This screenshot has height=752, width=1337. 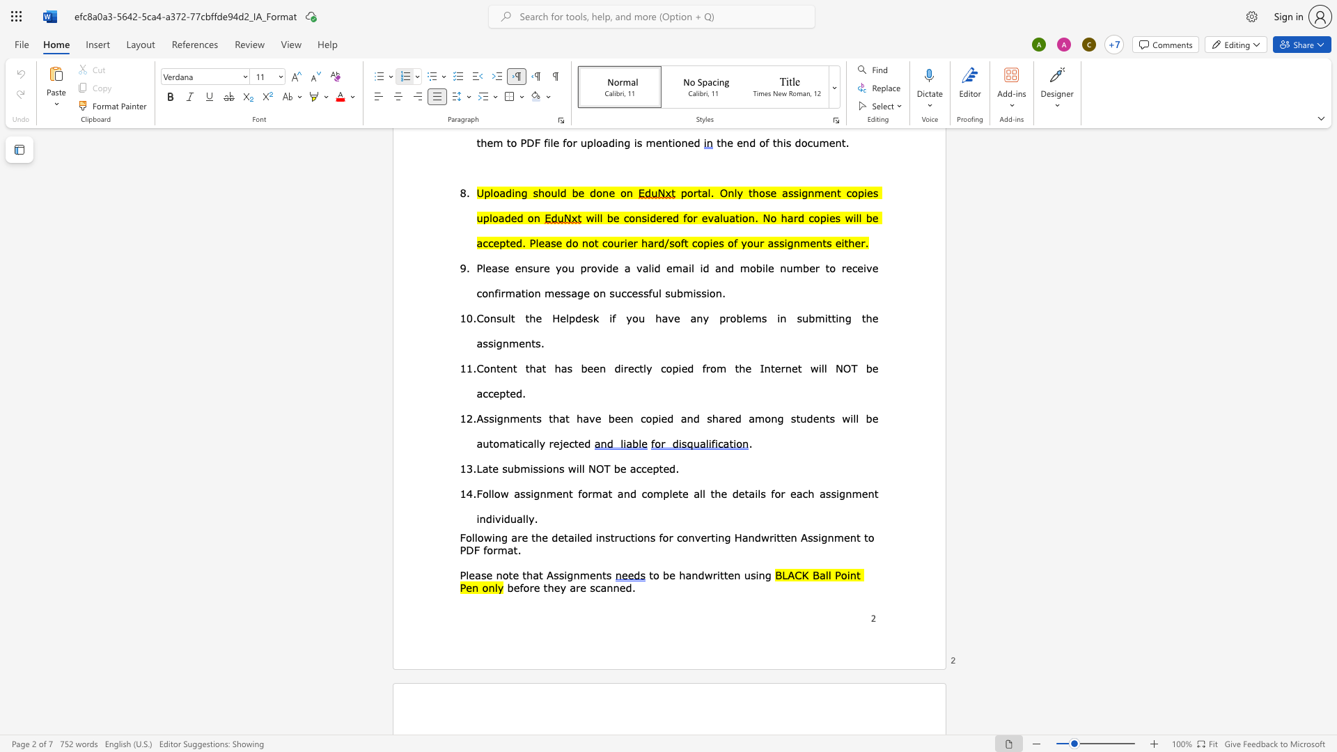 What do you see at coordinates (580, 536) in the screenshot?
I see `the space between the continuous character "l" and "e" in the text` at bounding box center [580, 536].